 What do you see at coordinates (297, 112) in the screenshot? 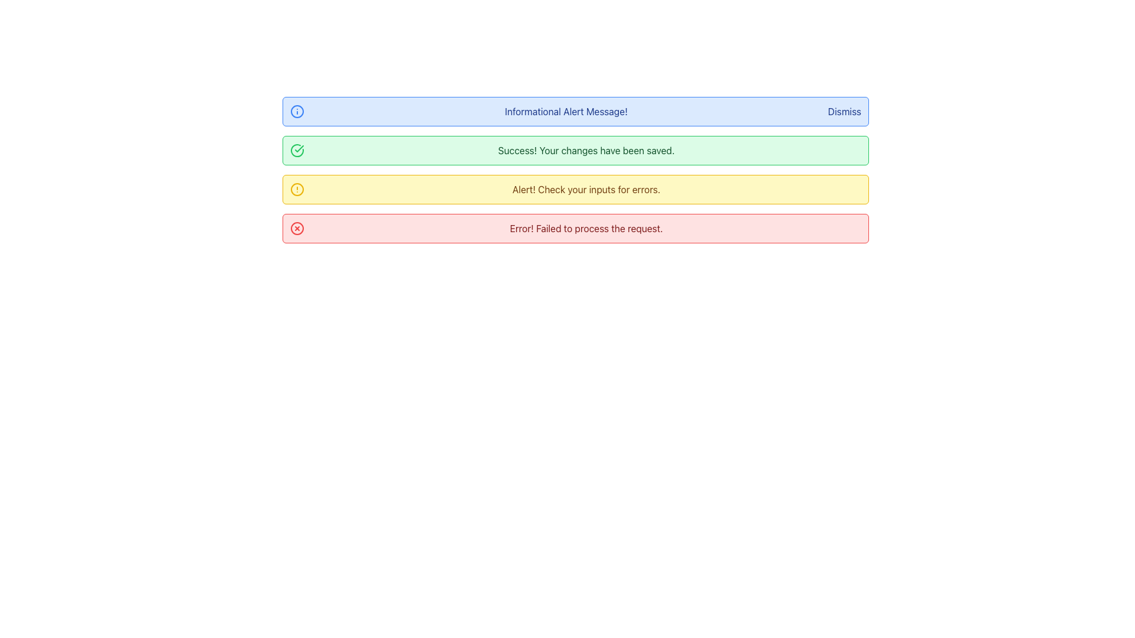
I see `the Decorative Circle, which is a circular component located centrally within the blue 'info' icon on the left side of the alert message banner` at bounding box center [297, 112].